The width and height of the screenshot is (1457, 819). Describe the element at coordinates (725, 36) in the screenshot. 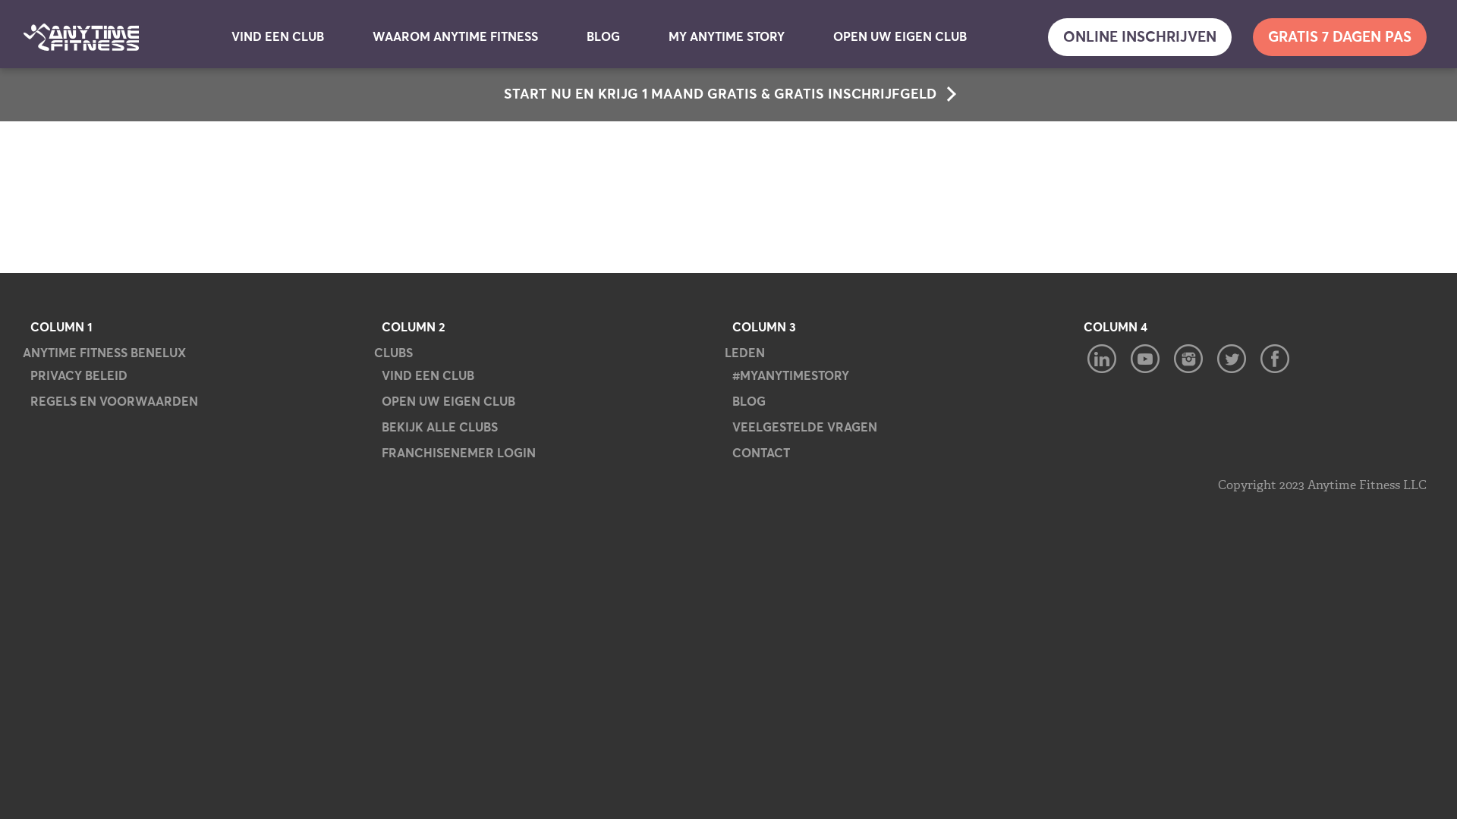

I see `'MY ANYTIME STORY'` at that location.